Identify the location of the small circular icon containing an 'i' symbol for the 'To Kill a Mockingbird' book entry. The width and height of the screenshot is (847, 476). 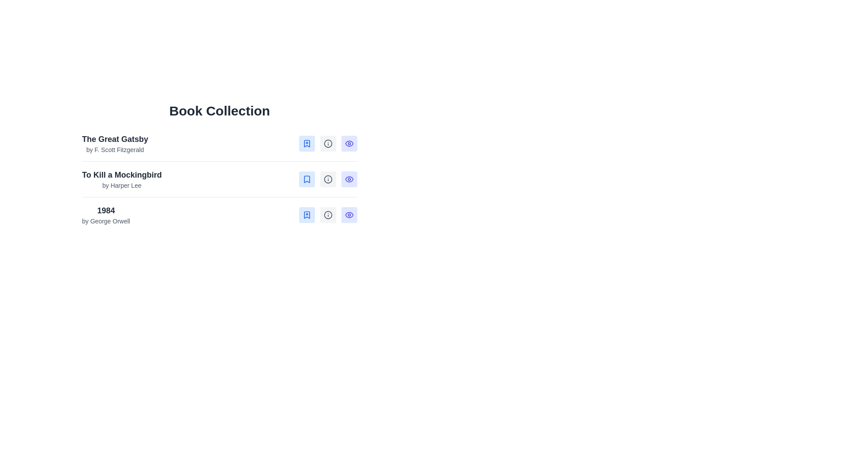
(328, 179).